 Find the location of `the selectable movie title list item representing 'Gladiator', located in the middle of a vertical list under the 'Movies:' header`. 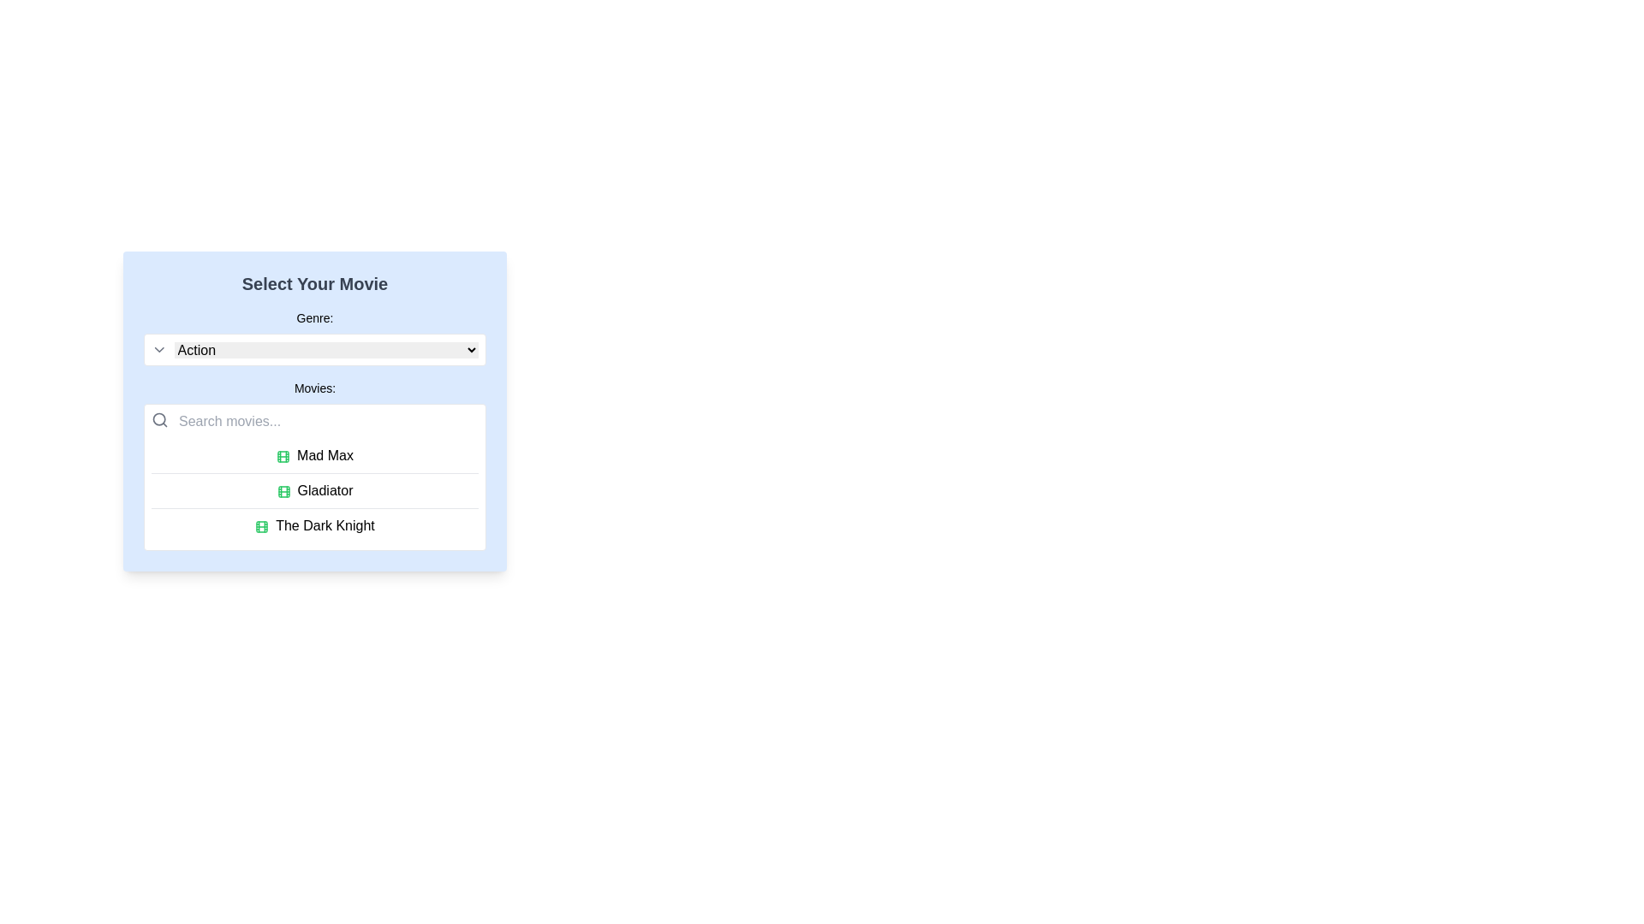

the selectable movie title list item representing 'Gladiator', located in the middle of a vertical list under the 'Movies:' header is located at coordinates (315, 490).